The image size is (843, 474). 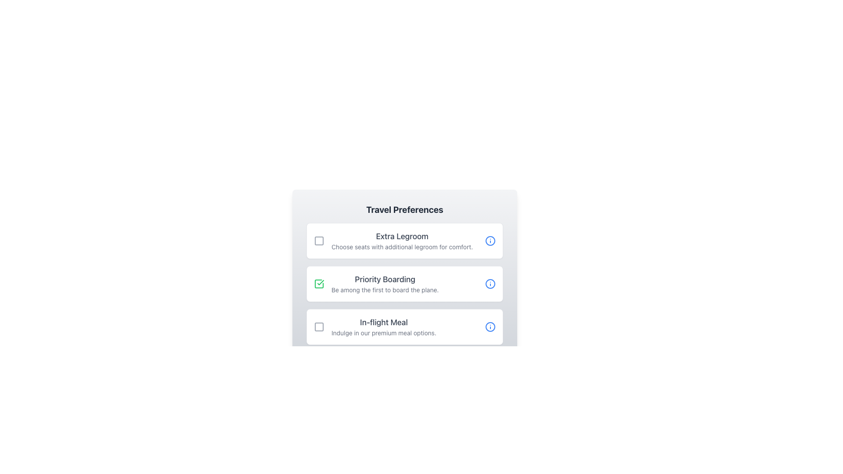 I want to click on the 'Priority Boarding' checkbox, so click(x=404, y=284).